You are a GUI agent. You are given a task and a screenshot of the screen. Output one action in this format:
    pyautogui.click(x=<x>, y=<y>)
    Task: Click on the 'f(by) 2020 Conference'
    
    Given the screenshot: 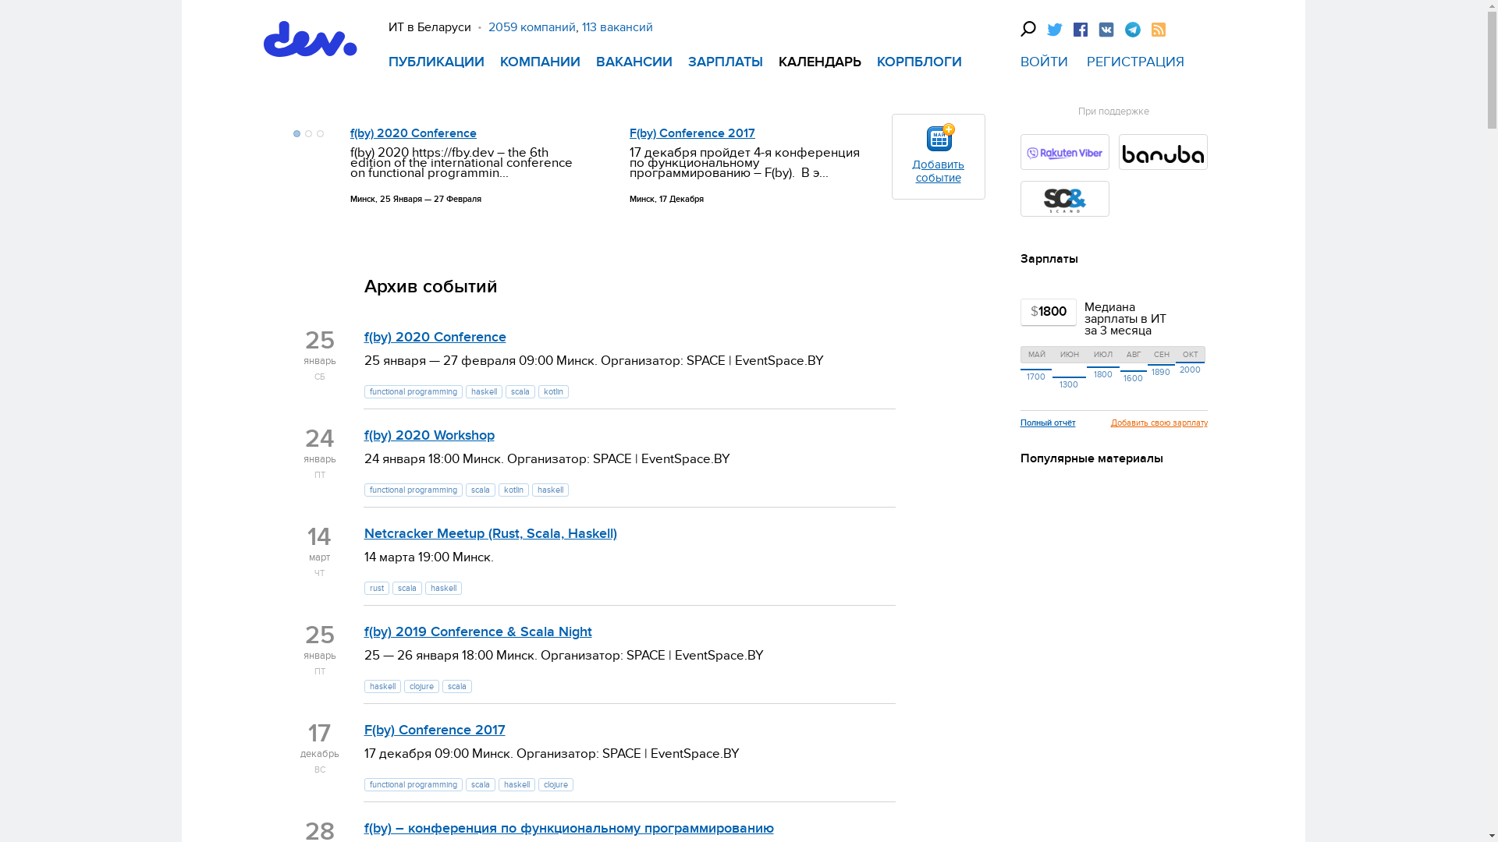 What is the action you would take?
    pyautogui.click(x=413, y=132)
    